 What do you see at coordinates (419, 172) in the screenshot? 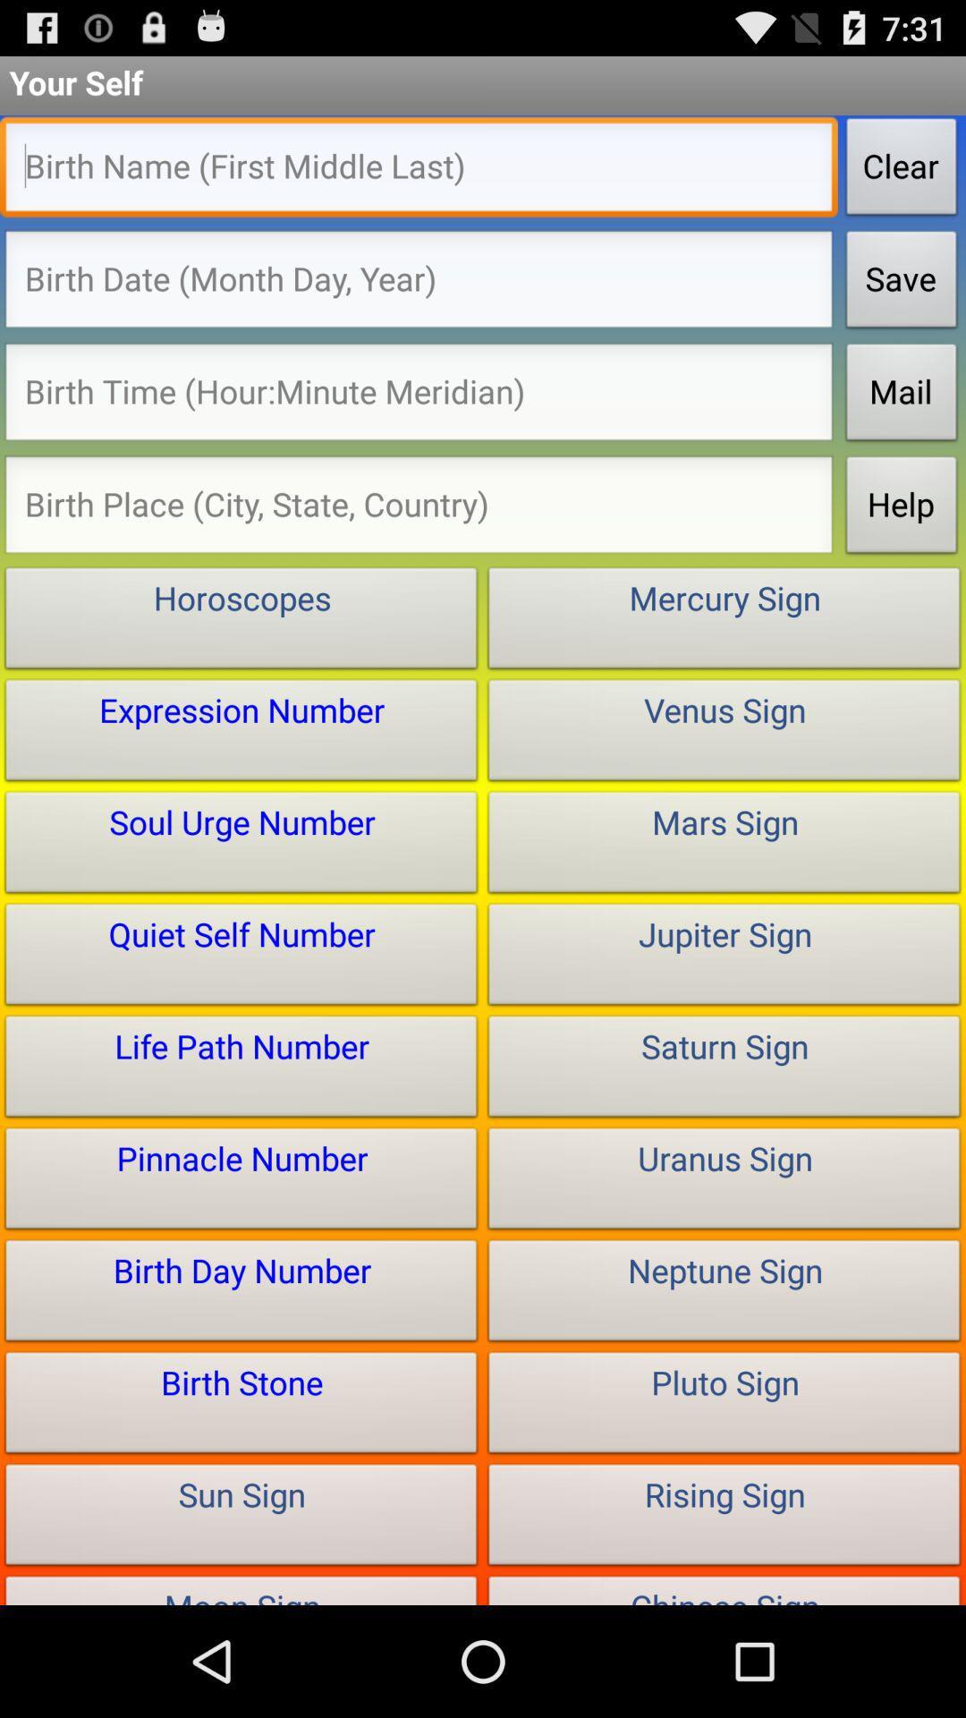
I see `type in name` at bounding box center [419, 172].